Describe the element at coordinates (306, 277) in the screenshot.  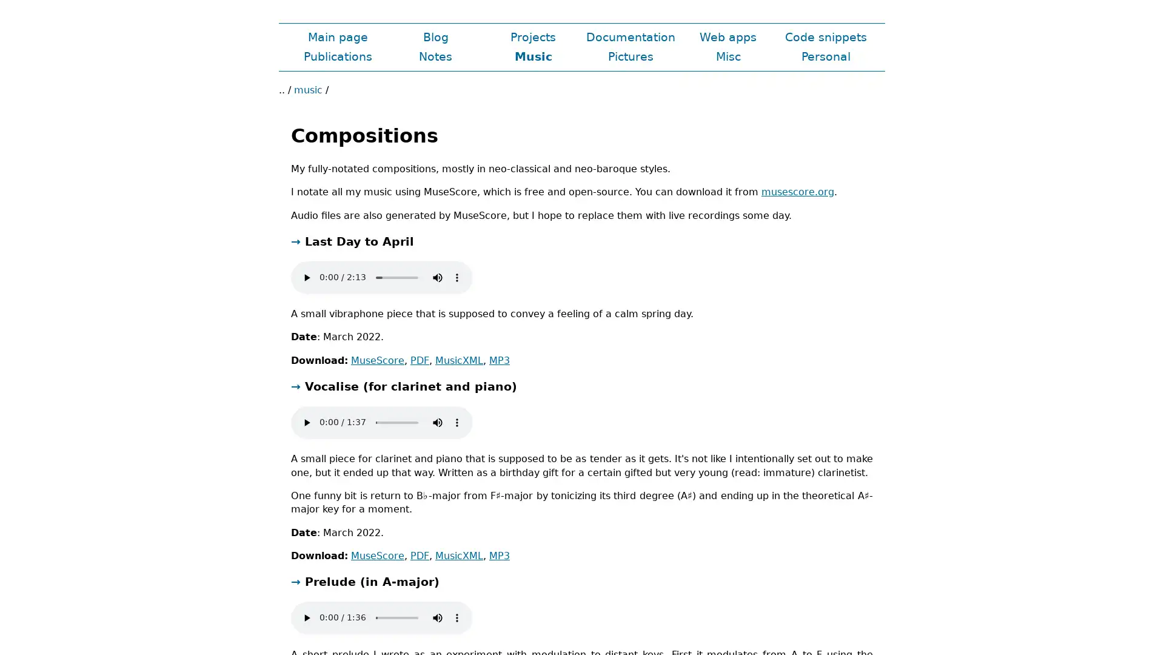
I see `play` at that location.